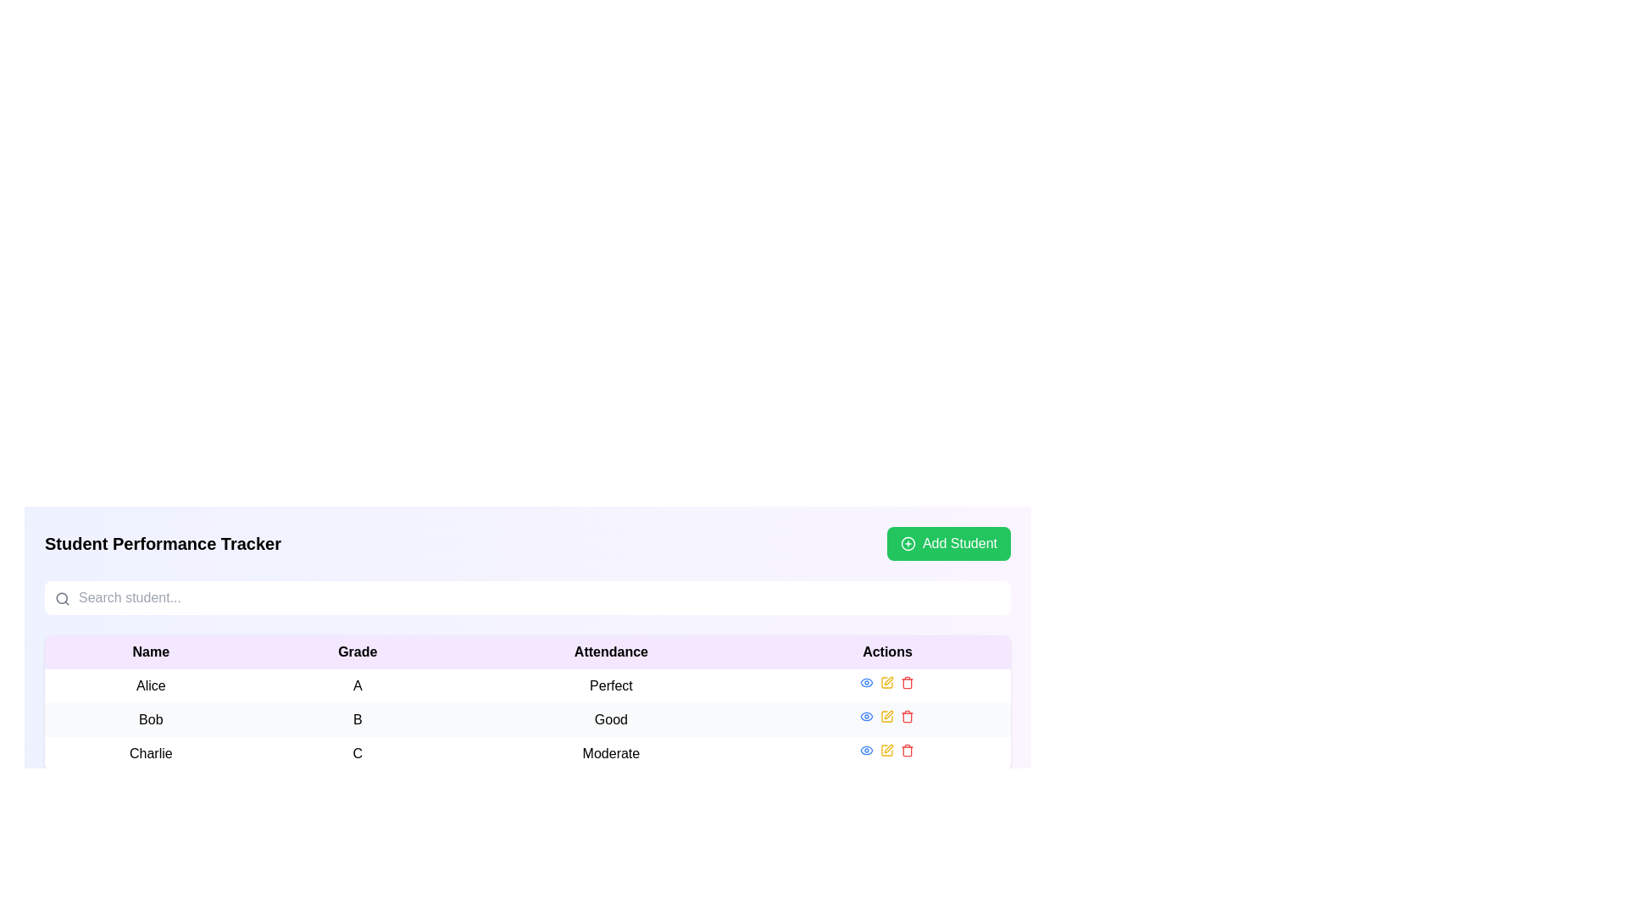 This screenshot has height=915, width=1627. Describe the element at coordinates (151, 753) in the screenshot. I see `the student's name text label located in the first column of the last row of the table under the 'Name' header` at that location.